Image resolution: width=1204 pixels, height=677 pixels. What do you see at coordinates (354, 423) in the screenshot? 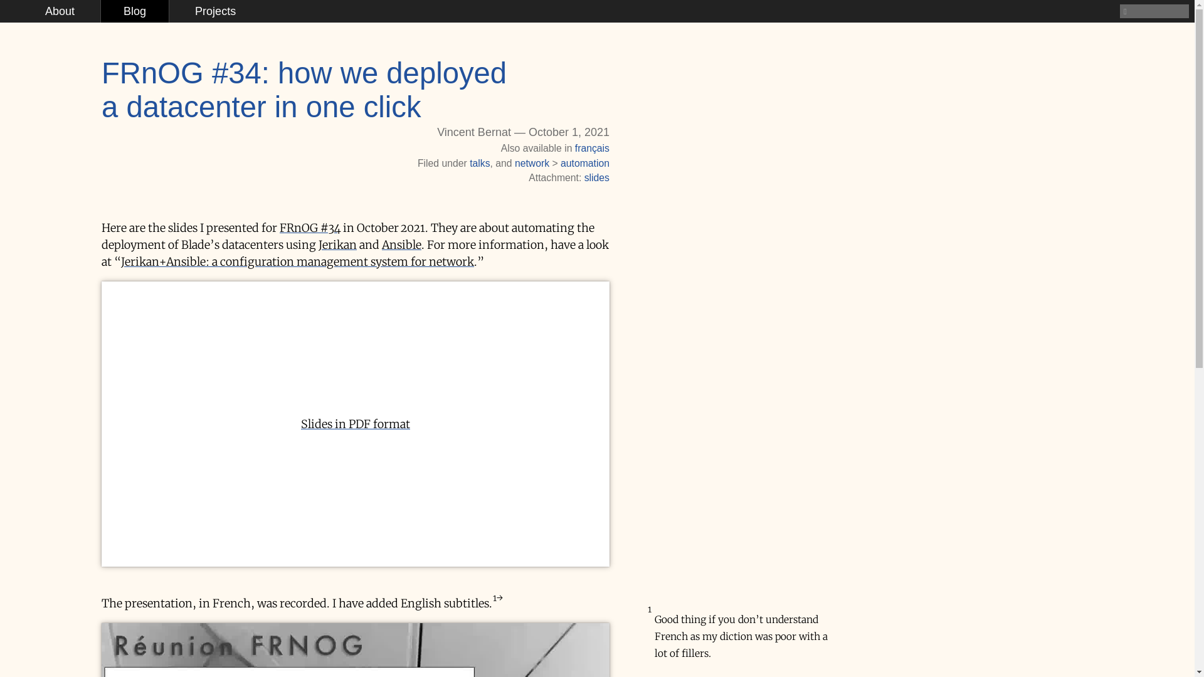
I see `'Slides in PDF format'` at bounding box center [354, 423].